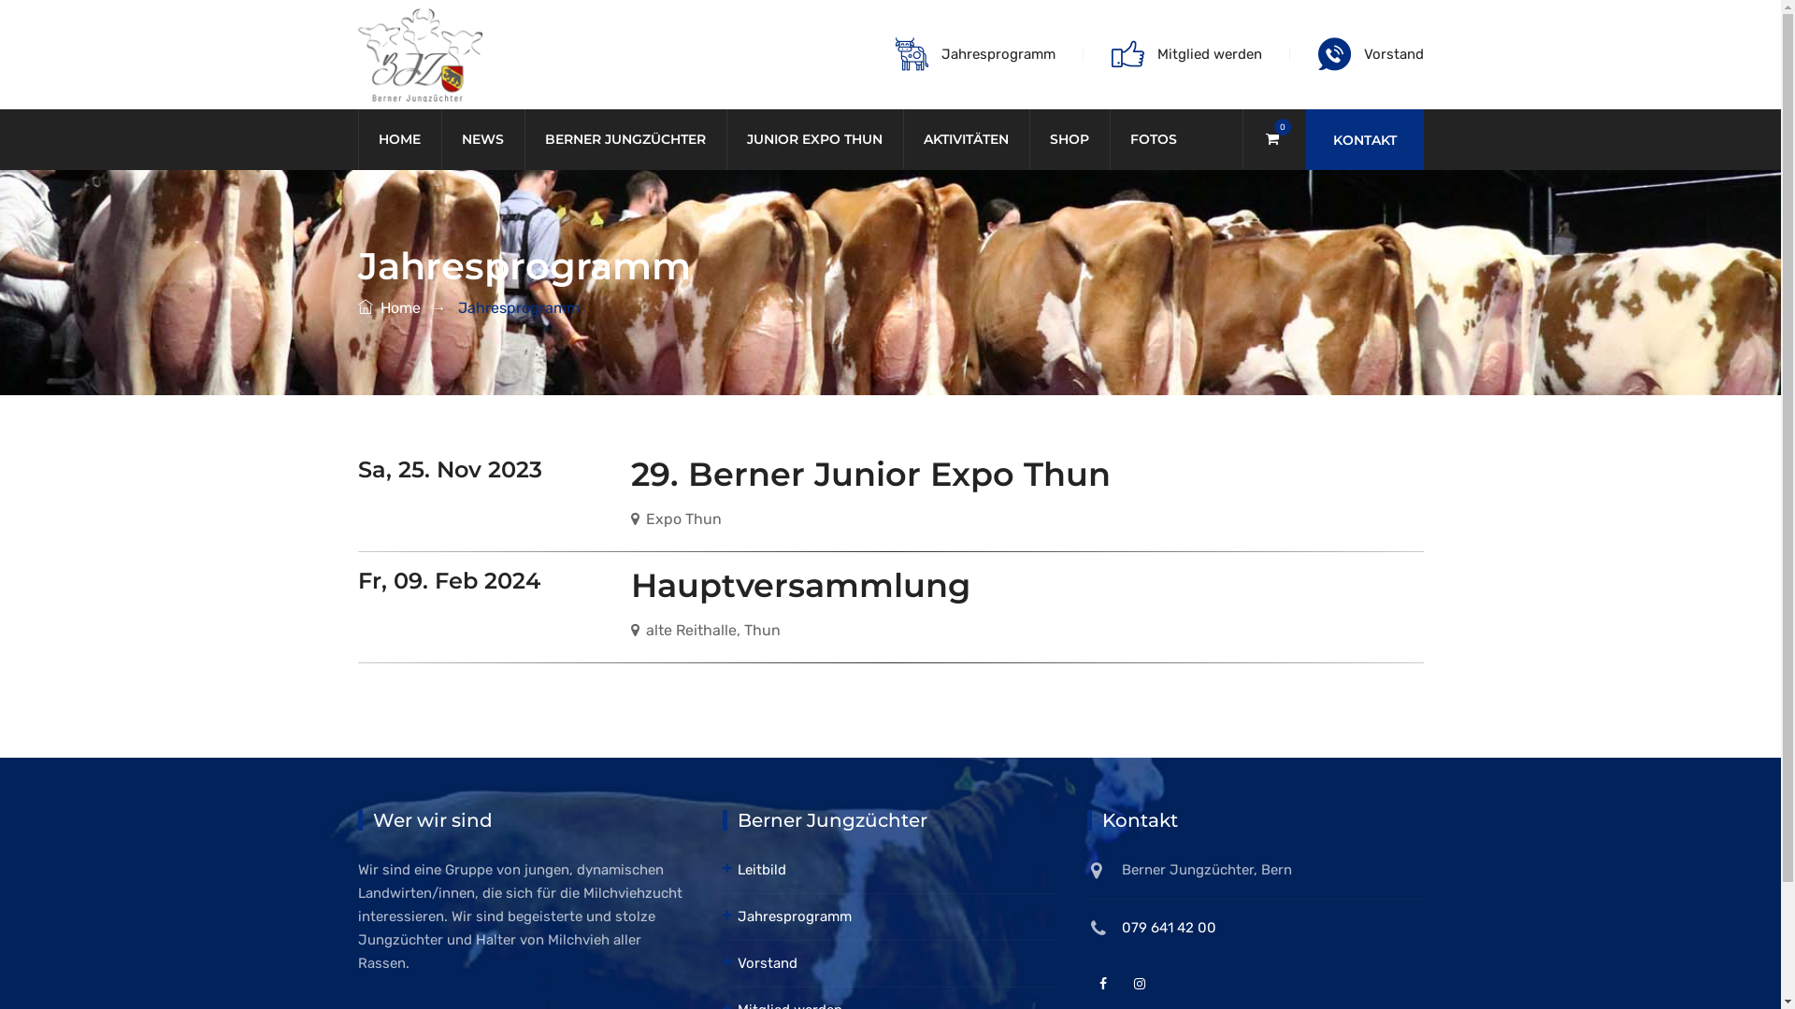 Image resolution: width=1795 pixels, height=1009 pixels. I want to click on 'Vorstand', so click(758, 962).